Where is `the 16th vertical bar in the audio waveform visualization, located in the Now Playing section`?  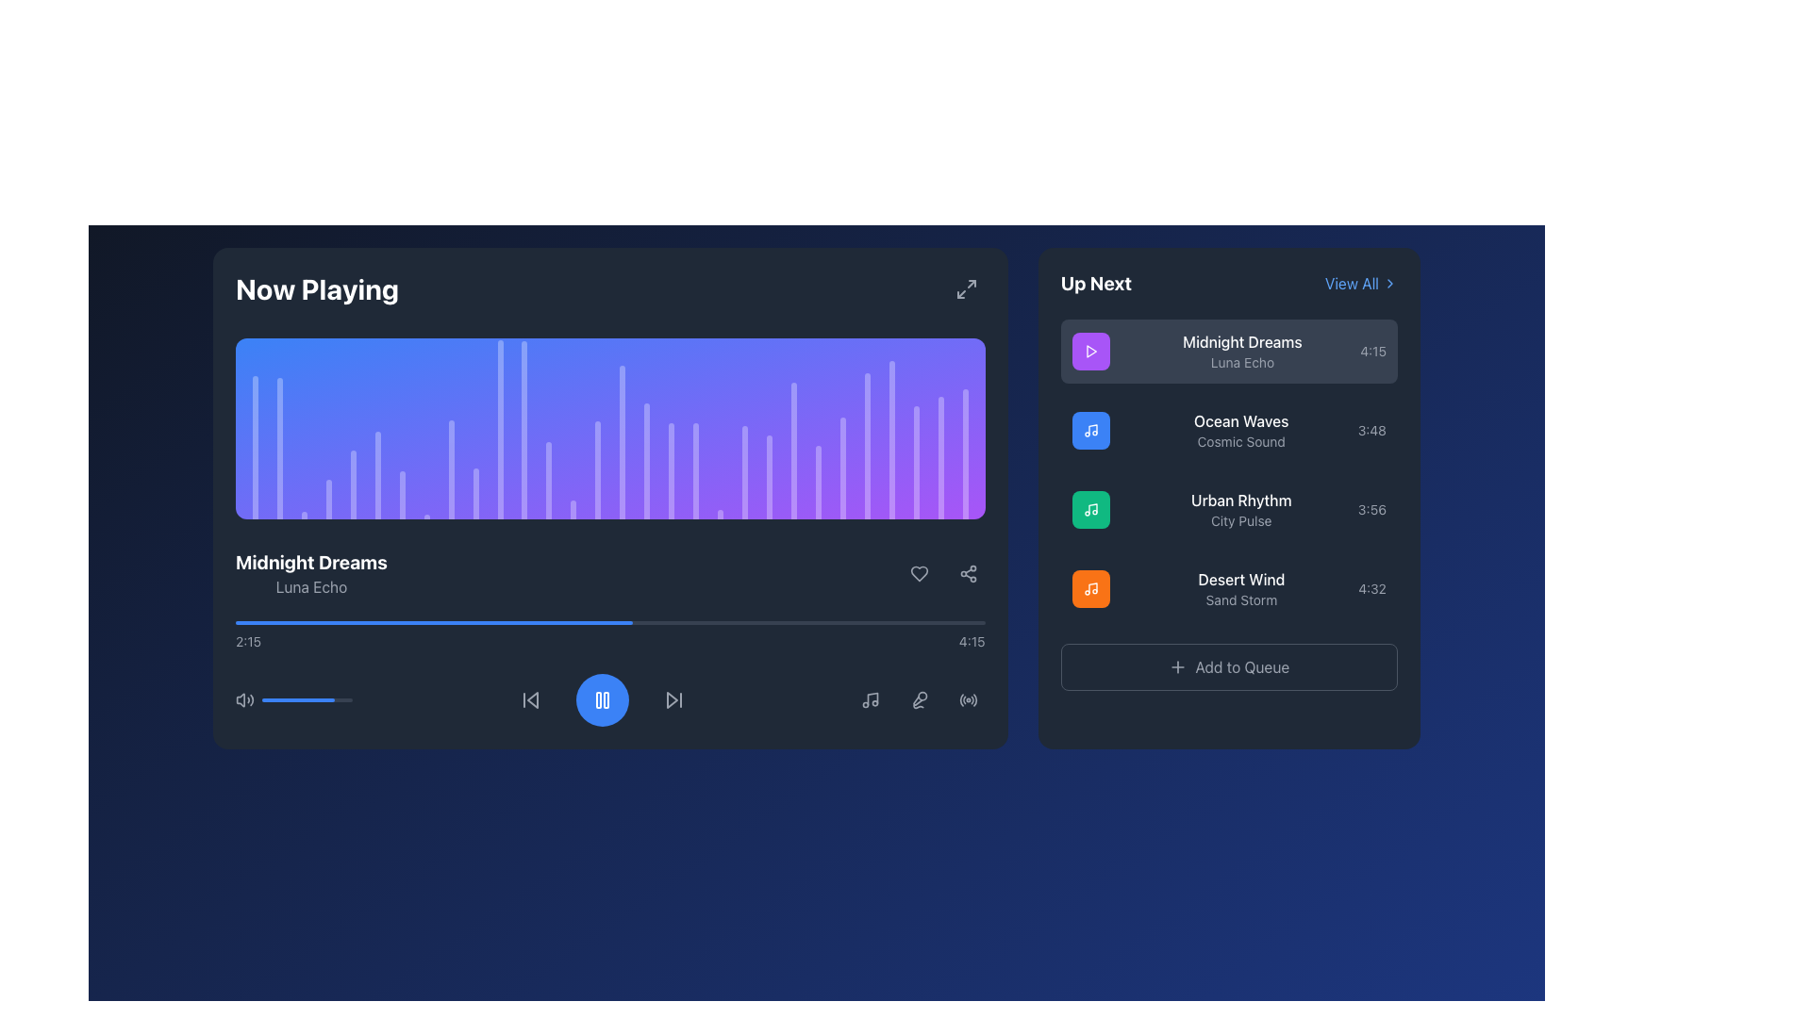 the 16th vertical bar in the audio waveform visualization, located in the Now Playing section is located at coordinates (623, 442).